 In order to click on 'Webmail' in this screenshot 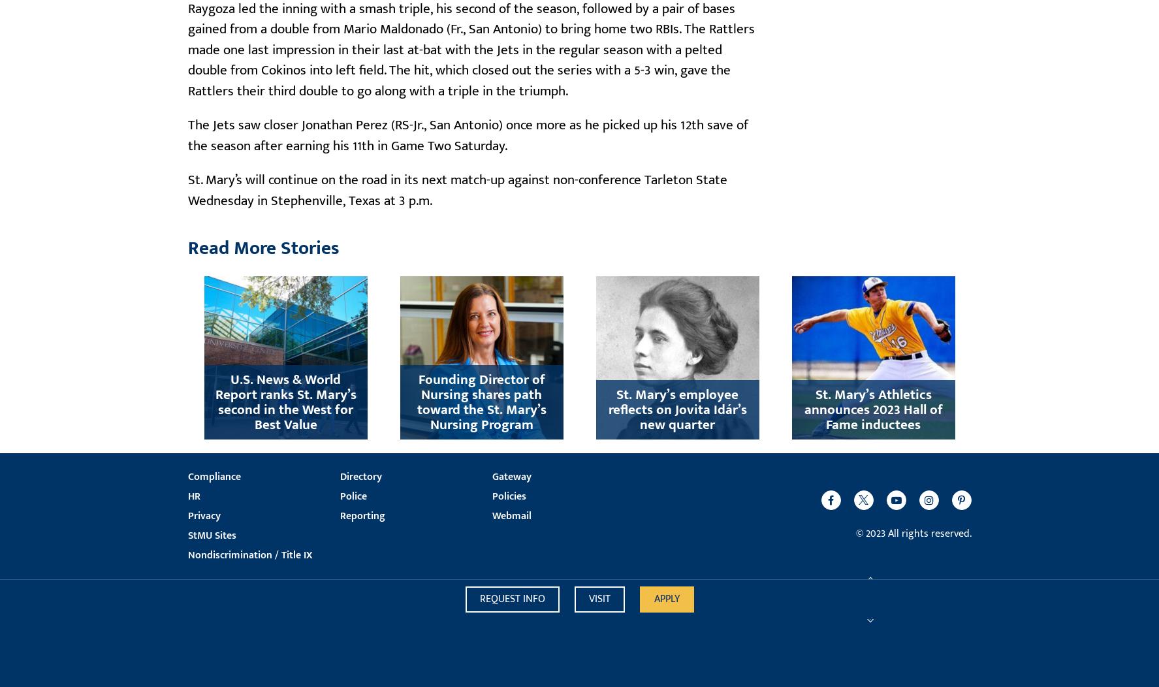, I will do `click(512, 515)`.